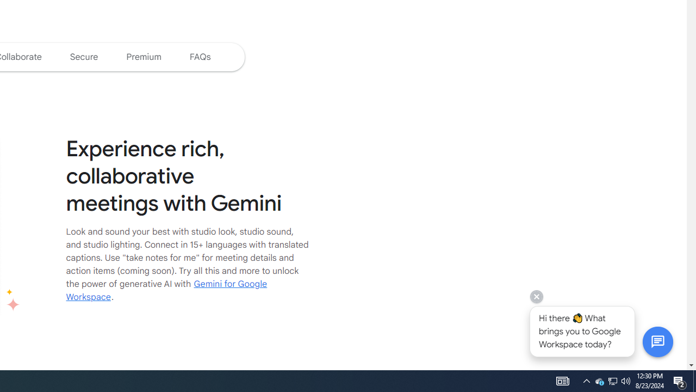 Image resolution: width=696 pixels, height=392 pixels. Describe the element at coordinates (143, 57) in the screenshot. I see `'Jump to the premium section of the page'` at that location.